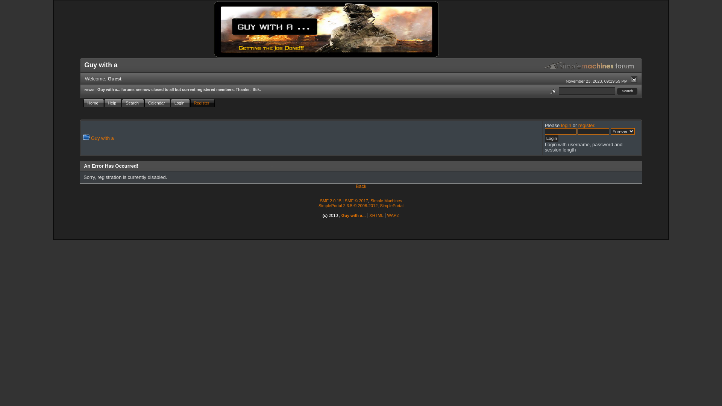  What do you see at coordinates (157, 103) in the screenshot?
I see `'Calendar'` at bounding box center [157, 103].